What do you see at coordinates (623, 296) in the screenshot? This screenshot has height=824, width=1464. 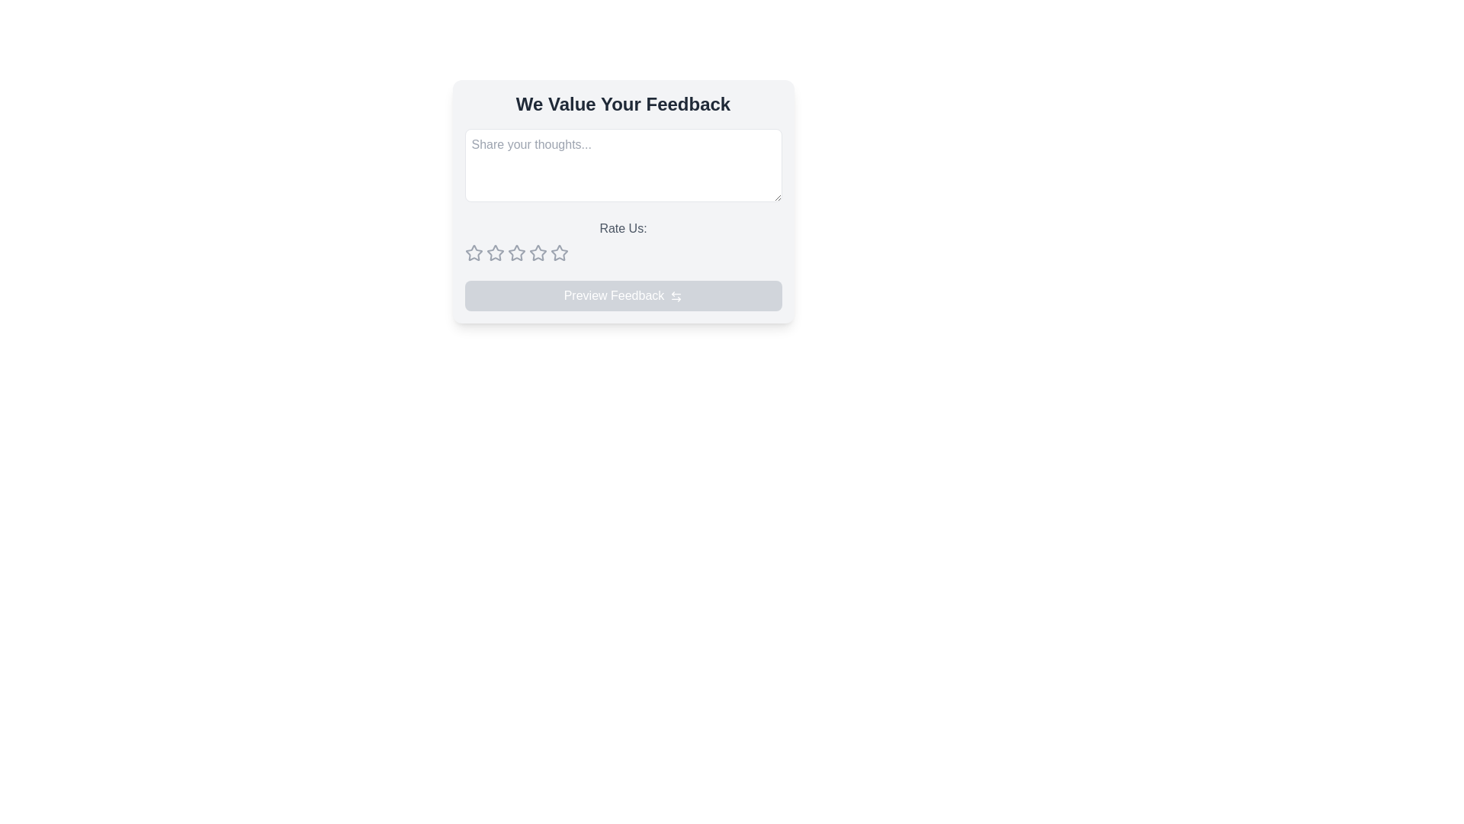 I see `the disabled preview button located at the bottom of the feedback form, under the rating stars section, which is currently unresponsive due to its disabled state` at bounding box center [623, 296].